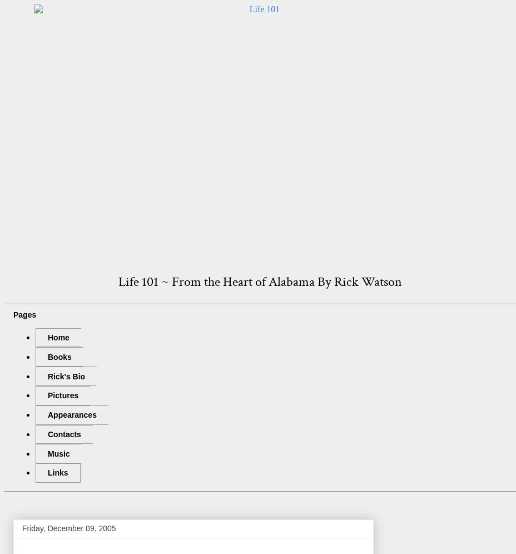 The width and height of the screenshot is (516, 554). What do you see at coordinates (68, 527) in the screenshot?
I see `'Friday, December 09, 2005'` at bounding box center [68, 527].